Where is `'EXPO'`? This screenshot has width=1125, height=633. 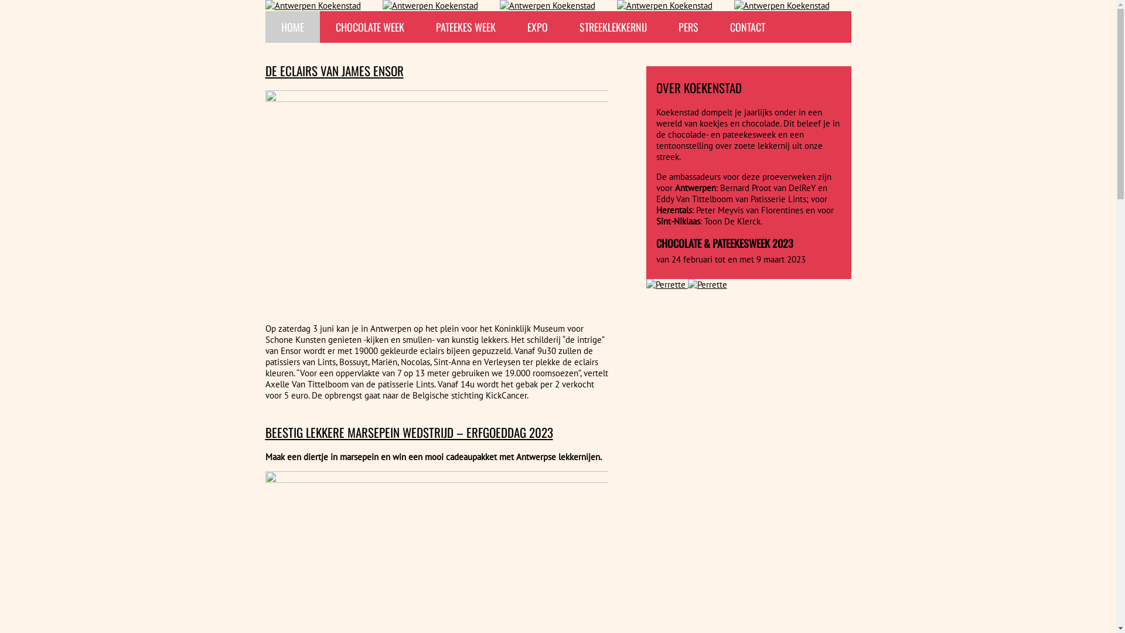 'EXPO' is located at coordinates (511, 26).